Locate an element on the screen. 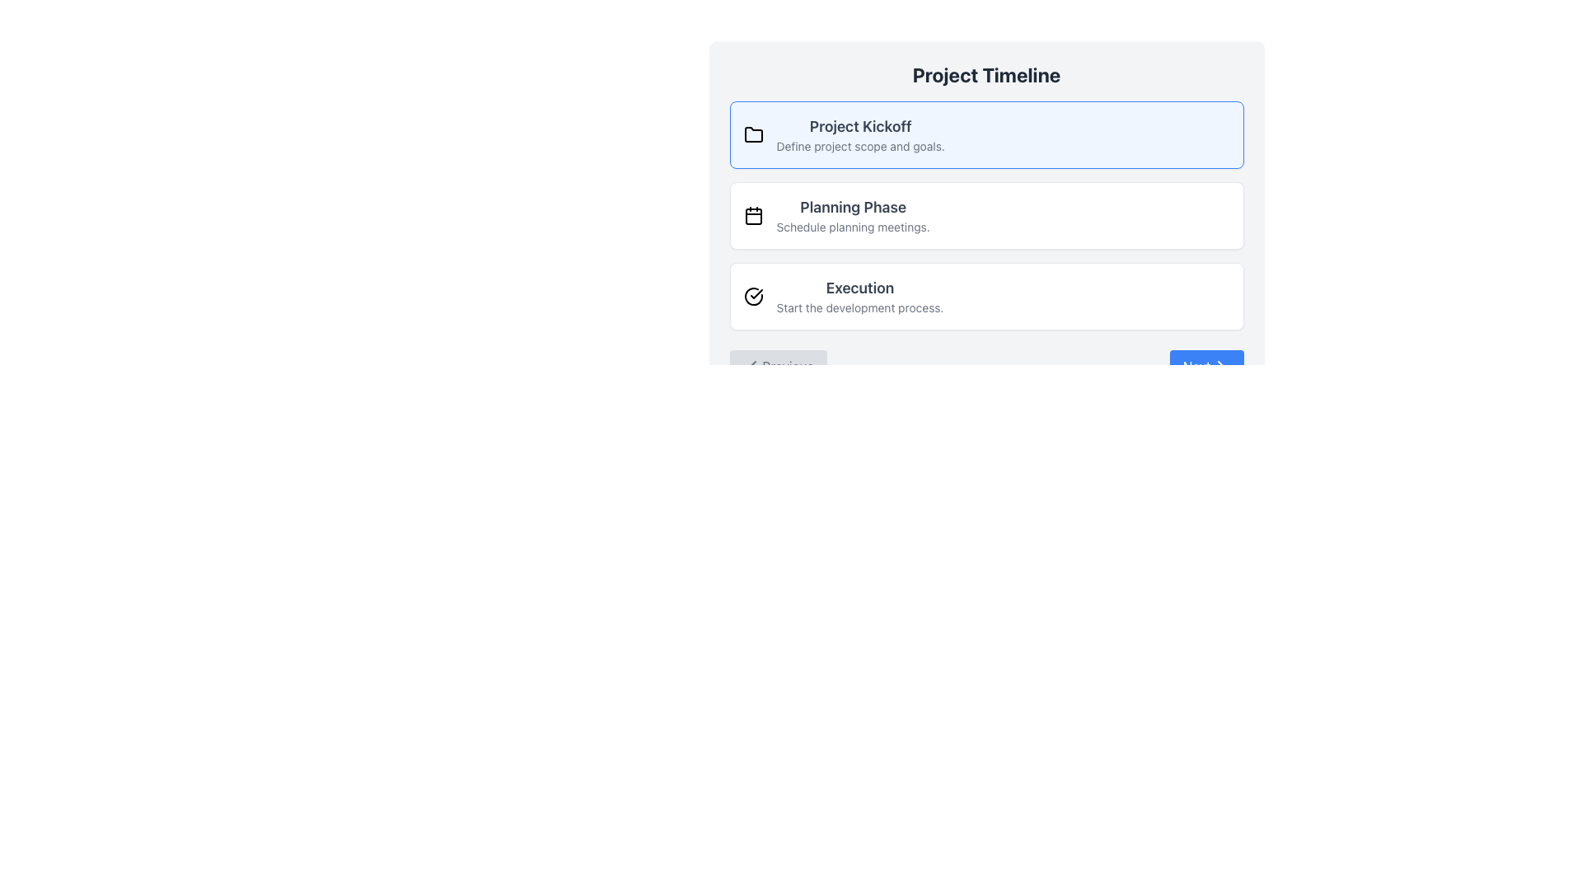  the 'Planning Phase' content block in the project timeline, which summarizes actions related to scheduling planning meetings is located at coordinates (986, 222).